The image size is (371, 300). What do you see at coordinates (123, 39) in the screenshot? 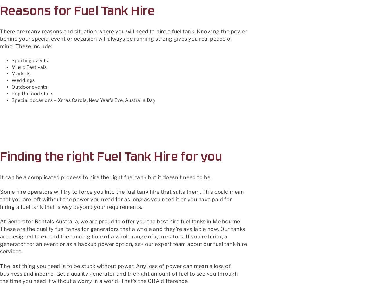
I see `'There are many reasons and situation where you will need to hire a fuel tank. Knowing the power behind your special event or occasion will always be running strong gives you real peace of mind. These include:'` at bounding box center [123, 39].